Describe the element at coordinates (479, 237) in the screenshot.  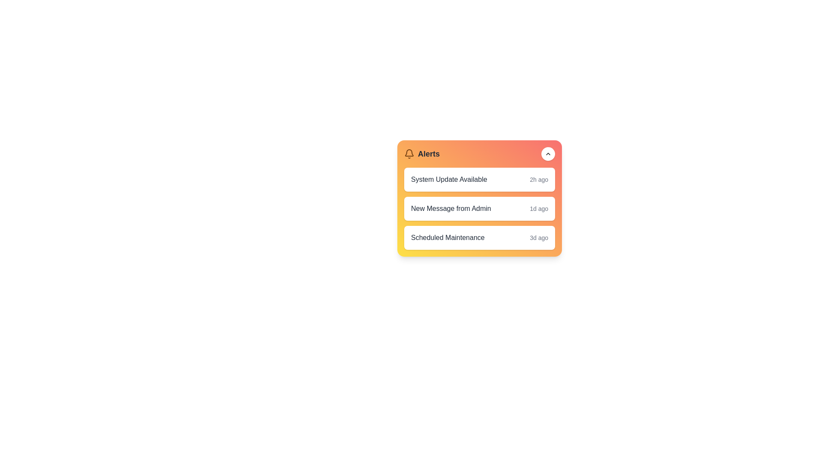
I see `the alert item corresponding to 3` at that location.